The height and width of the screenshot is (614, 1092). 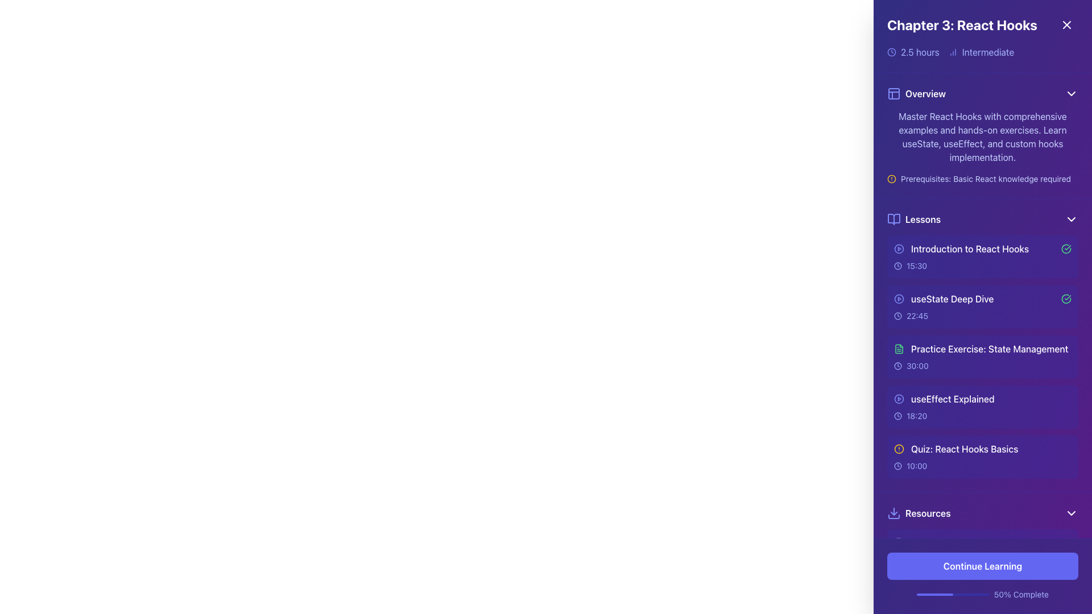 What do you see at coordinates (913, 52) in the screenshot?
I see `the text label displaying '2.5 hours' with a clock icon, located at the top of the panel, to the left of the 'Intermediate' element` at bounding box center [913, 52].